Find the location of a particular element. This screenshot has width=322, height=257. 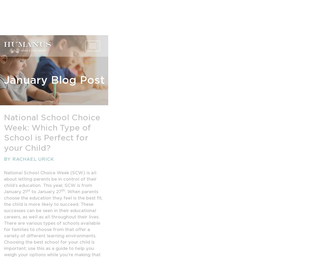

'SOURCES:' is located at coordinates (16, 221).